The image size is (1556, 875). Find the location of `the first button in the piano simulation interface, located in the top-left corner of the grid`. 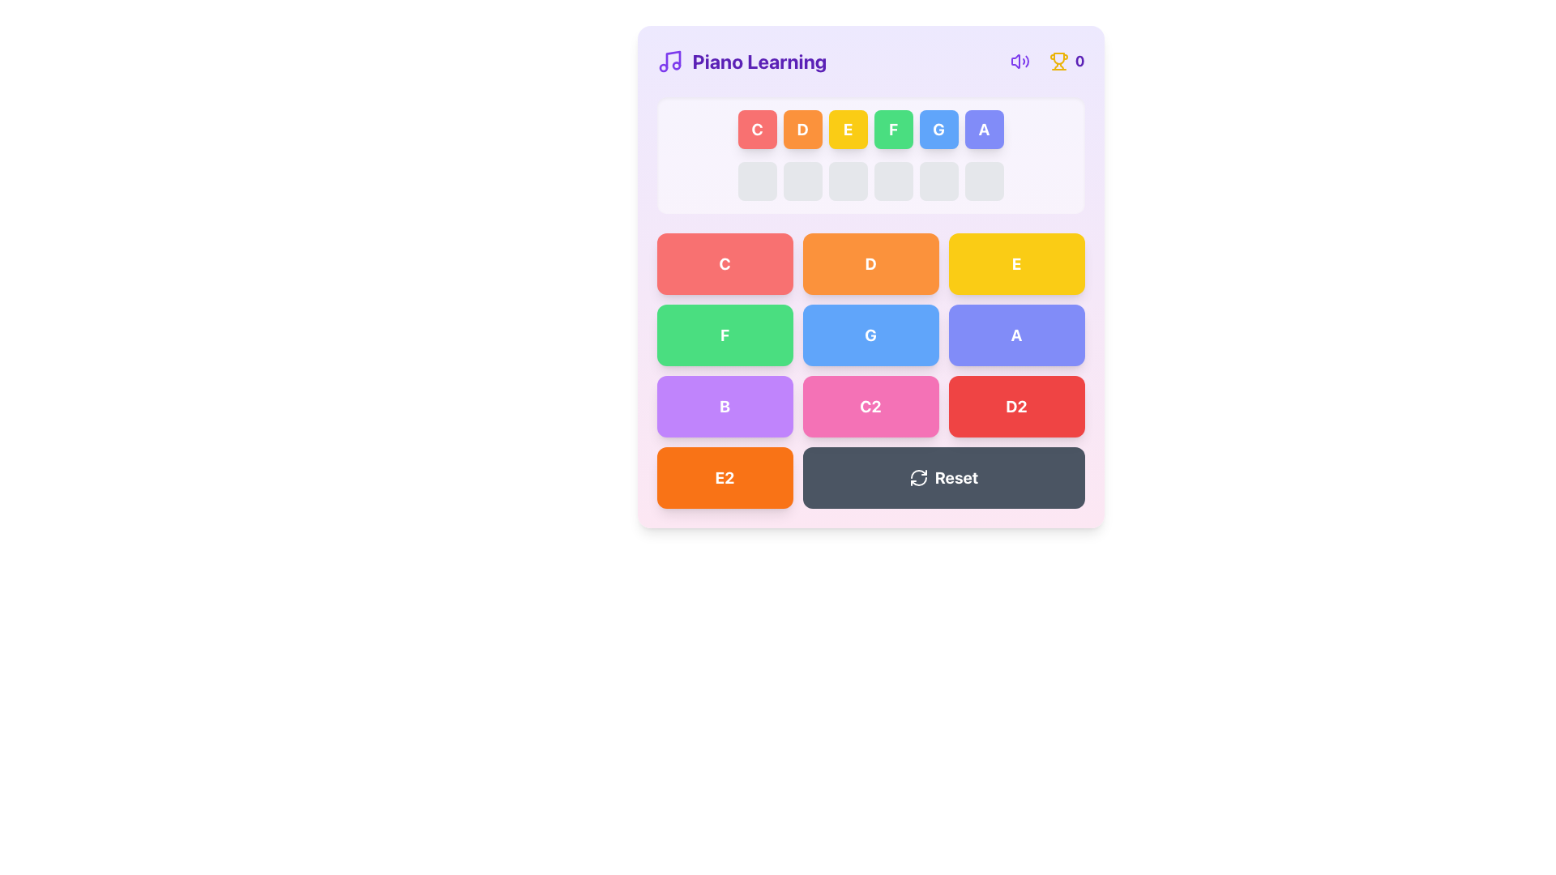

the first button in the piano simulation interface, located in the top-left corner of the grid is located at coordinates (724, 263).